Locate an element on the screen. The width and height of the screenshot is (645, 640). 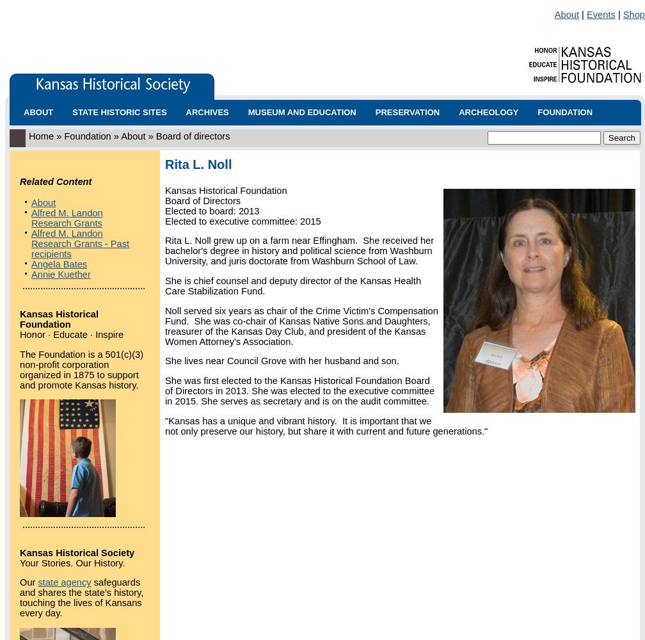
'Shop' is located at coordinates (633, 14).